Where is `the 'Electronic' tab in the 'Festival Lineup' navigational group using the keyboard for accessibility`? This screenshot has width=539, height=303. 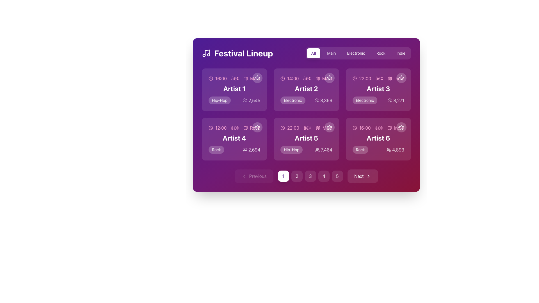 the 'Electronic' tab in the 'Festival Lineup' navigational group using the keyboard for accessibility is located at coordinates (358, 53).